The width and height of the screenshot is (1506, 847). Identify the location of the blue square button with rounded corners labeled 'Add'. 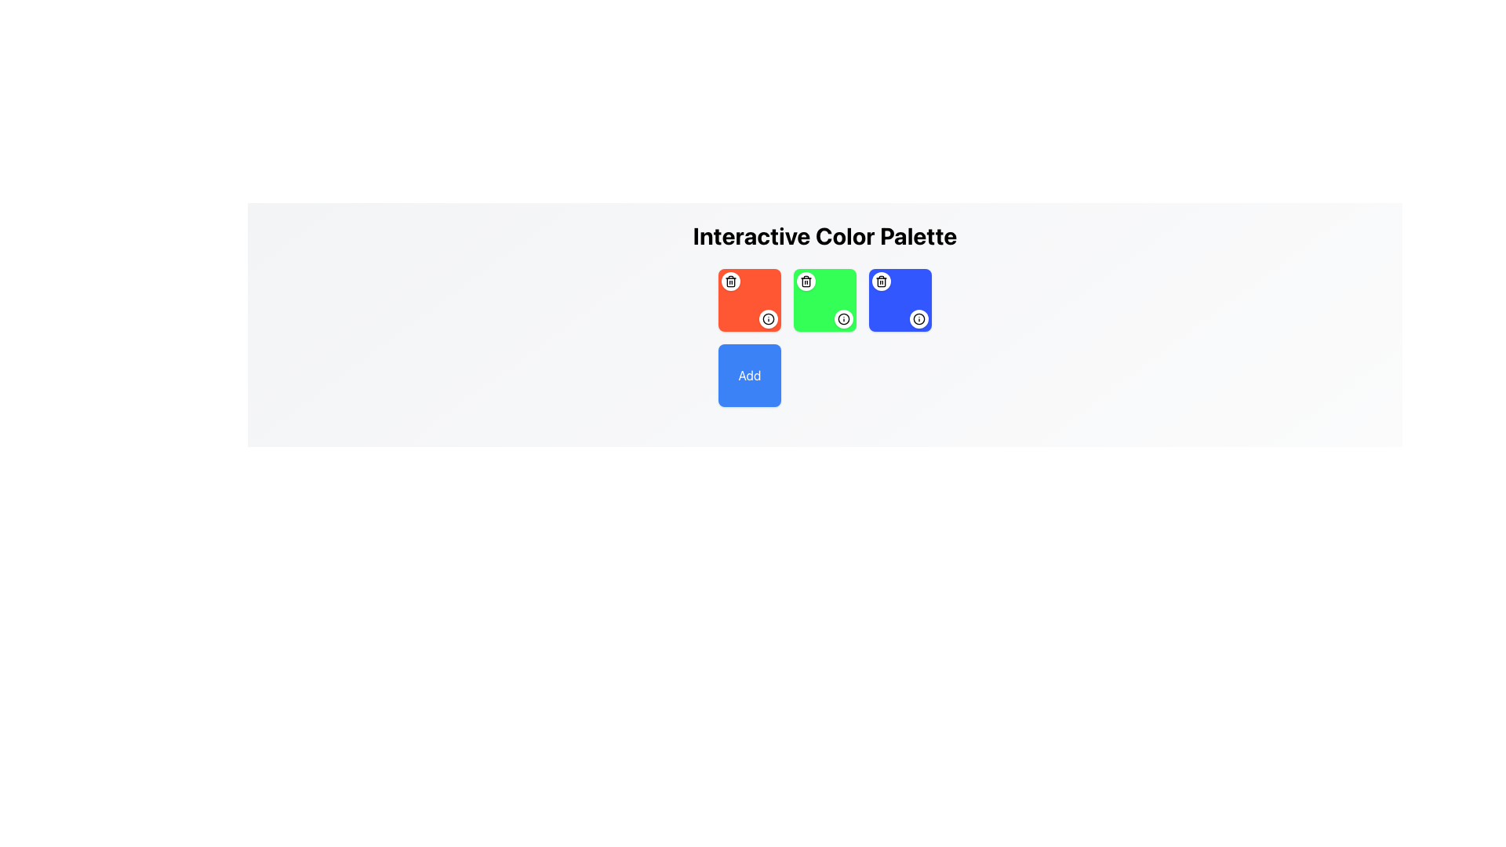
(748, 375).